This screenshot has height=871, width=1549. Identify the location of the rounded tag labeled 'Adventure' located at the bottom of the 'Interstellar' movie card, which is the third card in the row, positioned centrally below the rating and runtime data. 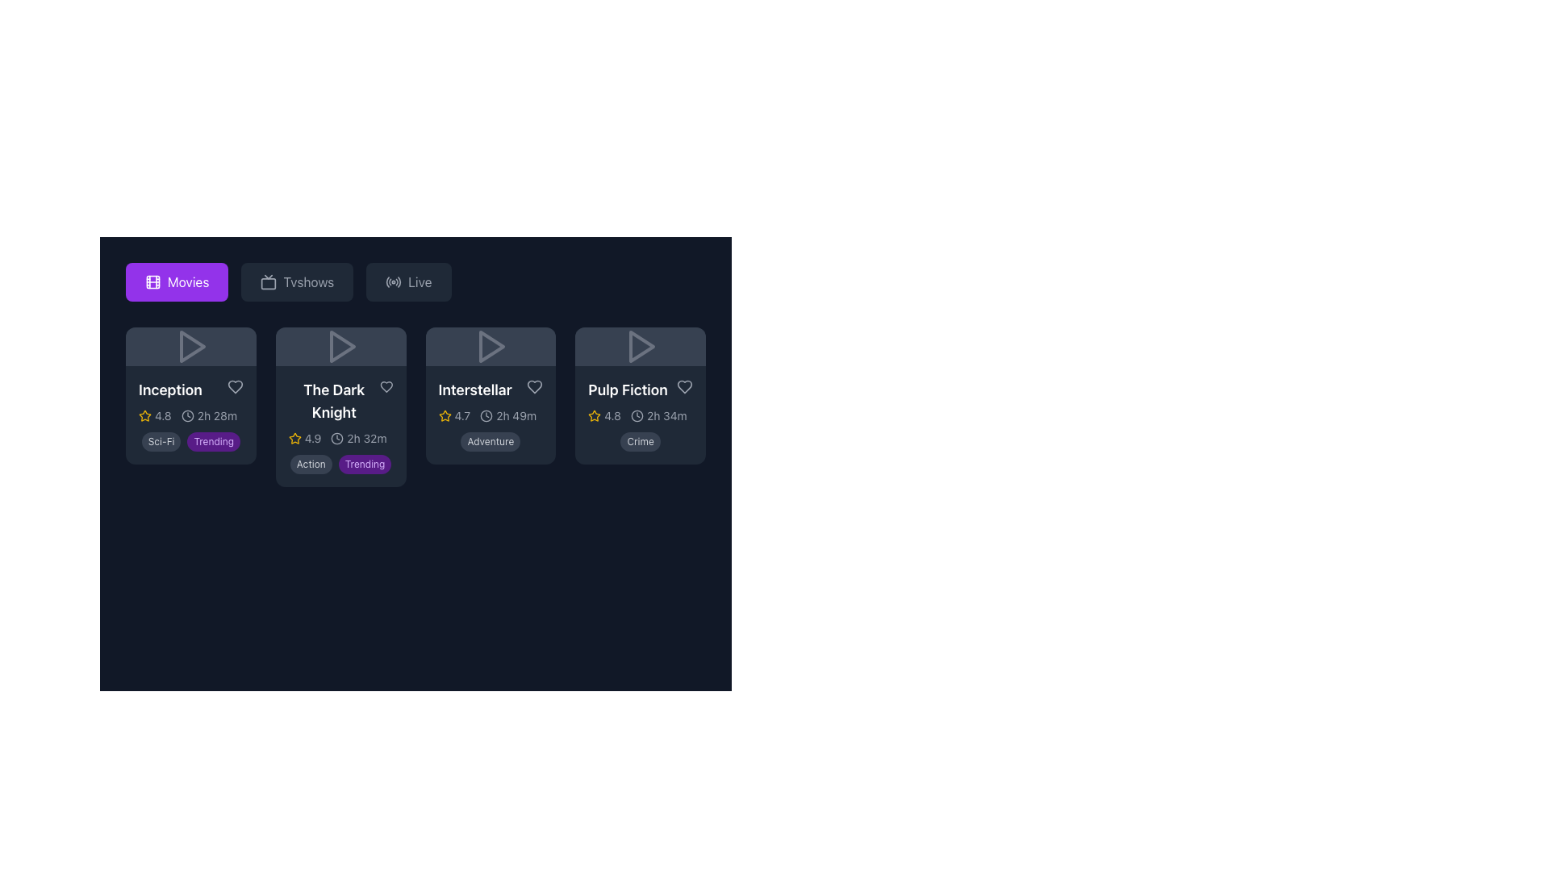
(490, 441).